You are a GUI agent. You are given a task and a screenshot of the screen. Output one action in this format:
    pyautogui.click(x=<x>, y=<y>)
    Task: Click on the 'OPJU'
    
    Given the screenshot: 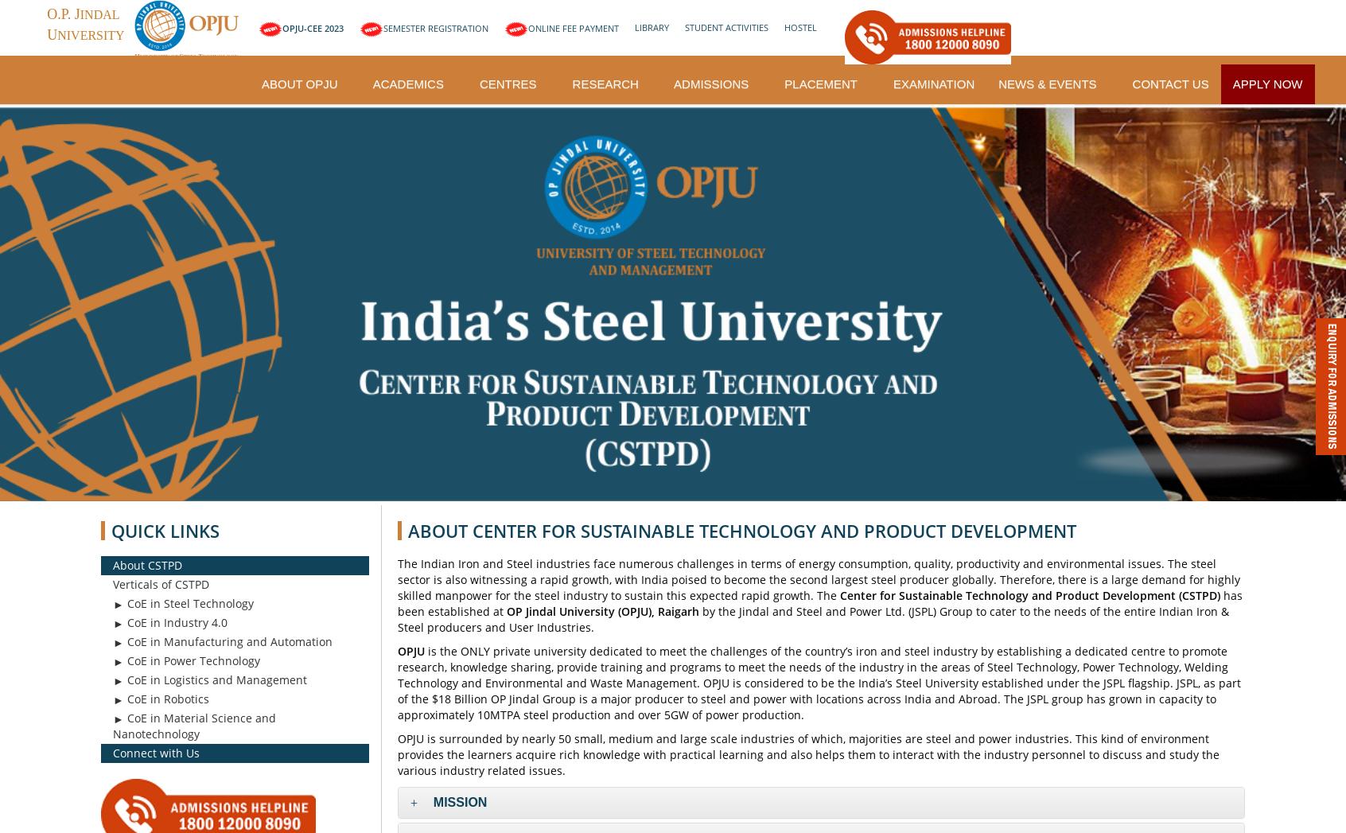 What is the action you would take?
    pyautogui.click(x=410, y=651)
    